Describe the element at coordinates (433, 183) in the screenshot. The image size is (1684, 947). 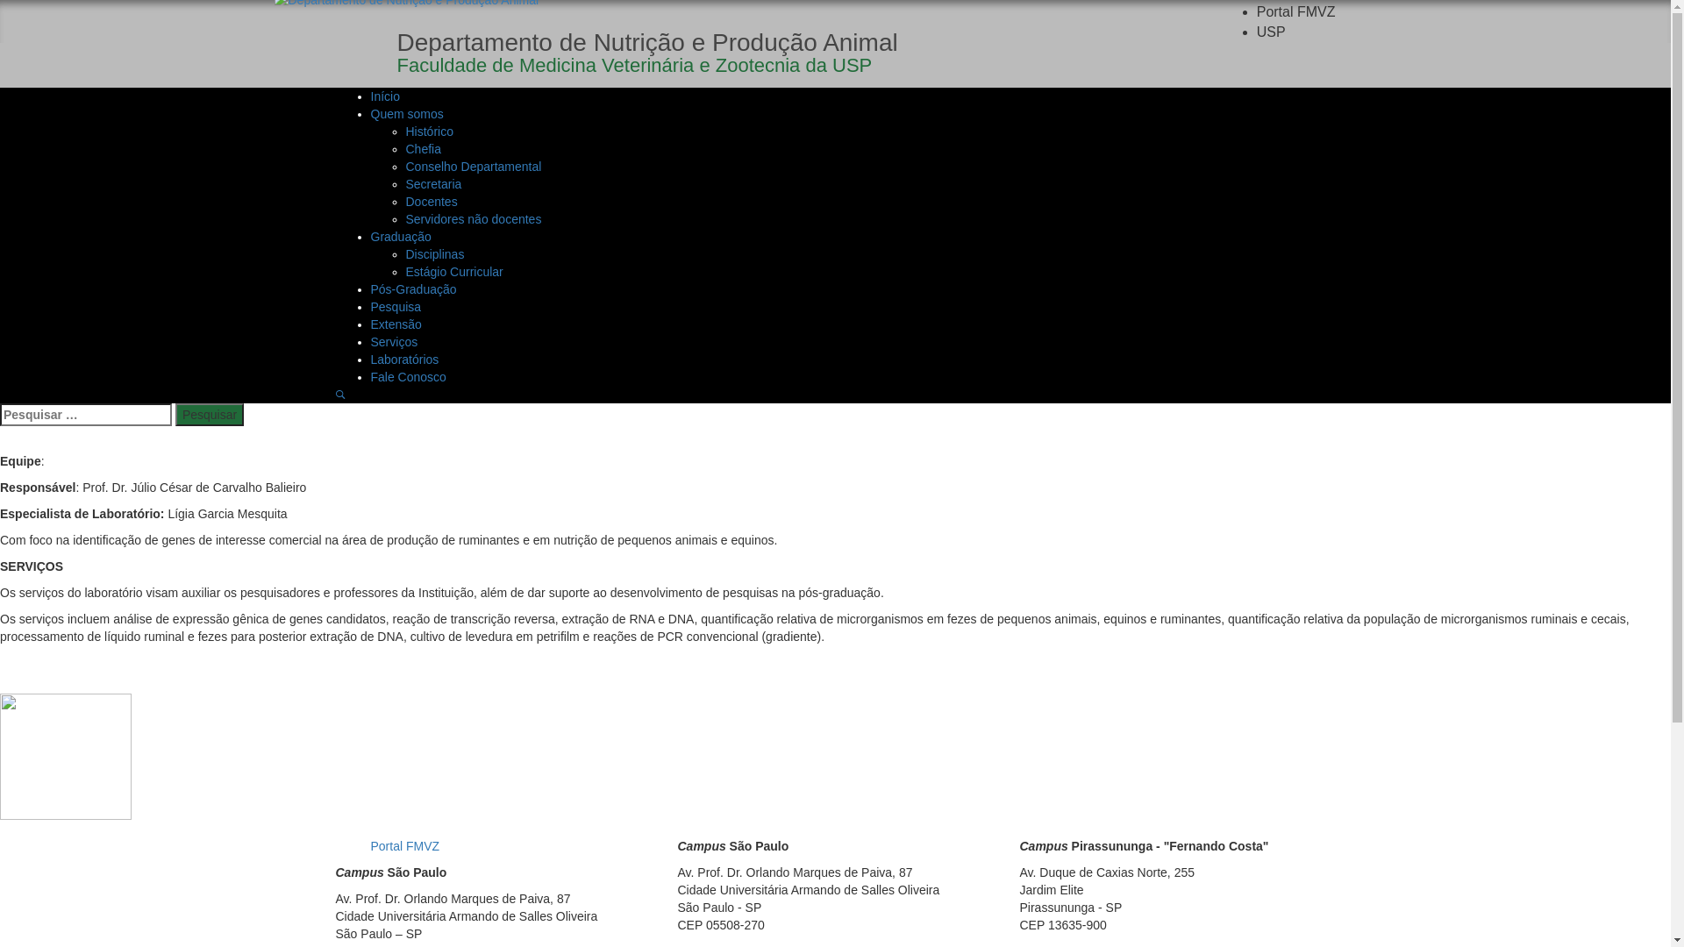
I see `'Secretaria'` at that location.